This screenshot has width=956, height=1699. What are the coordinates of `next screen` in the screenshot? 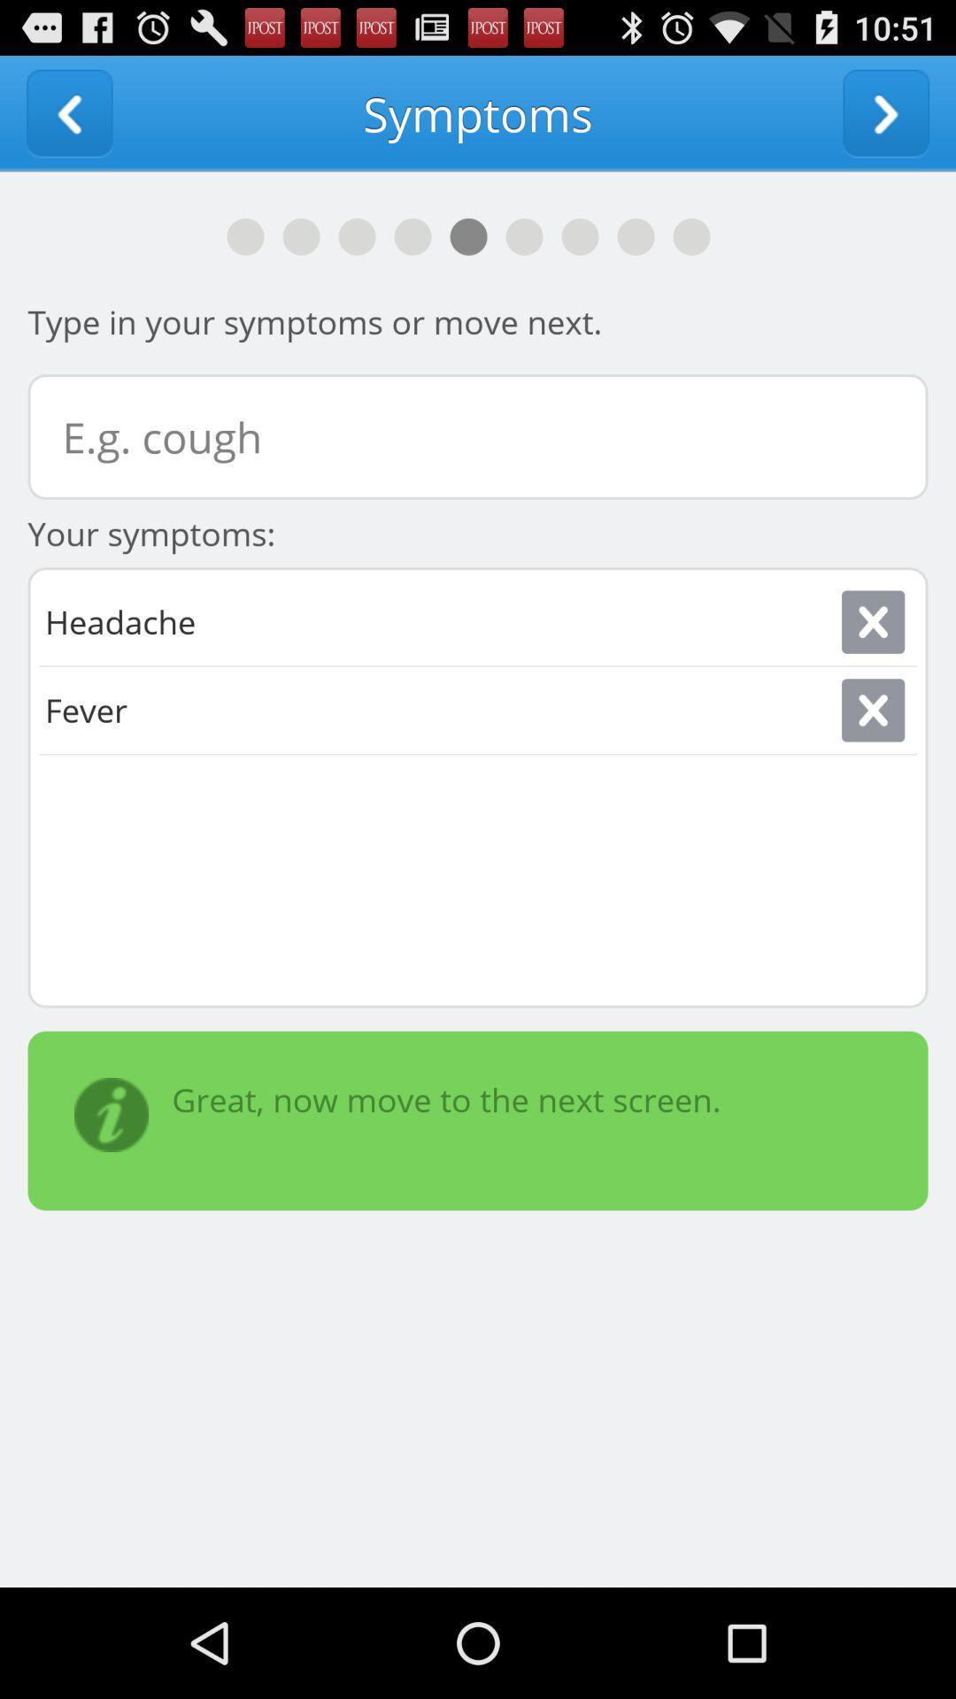 It's located at (886, 112).